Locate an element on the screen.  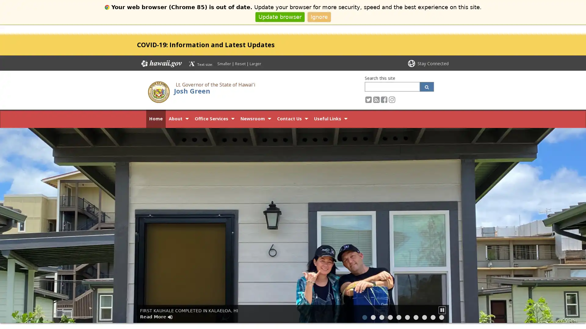
Search button is located at coordinates (426, 87).